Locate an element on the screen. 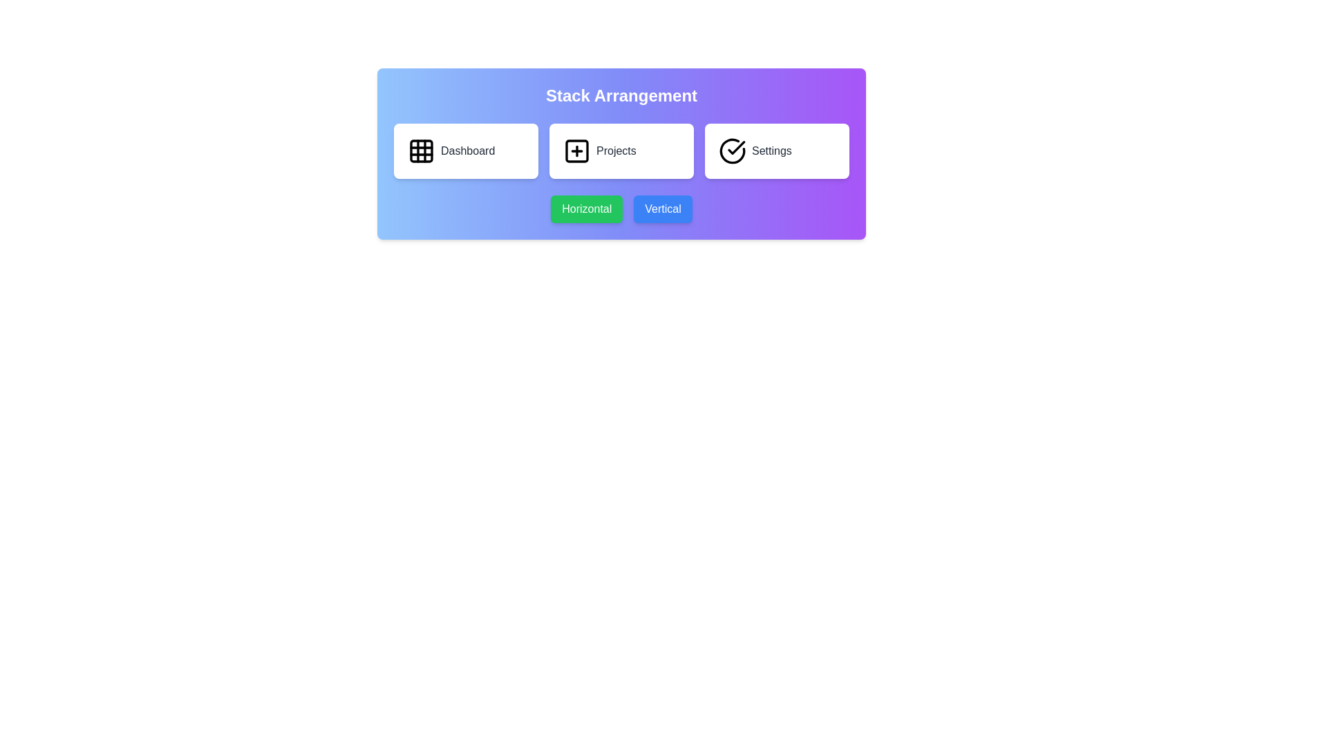 The height and width of the screenshot is (746, 1327). the 'Dashboard' button, which is the first element in a horizontal arrangement of three buttons is located at coordinates (466, 151).